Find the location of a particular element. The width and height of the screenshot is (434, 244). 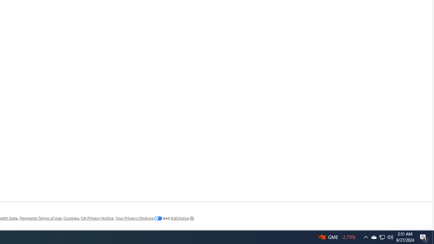

'CA Privacy Notice' is located at coordinates (97, 218).